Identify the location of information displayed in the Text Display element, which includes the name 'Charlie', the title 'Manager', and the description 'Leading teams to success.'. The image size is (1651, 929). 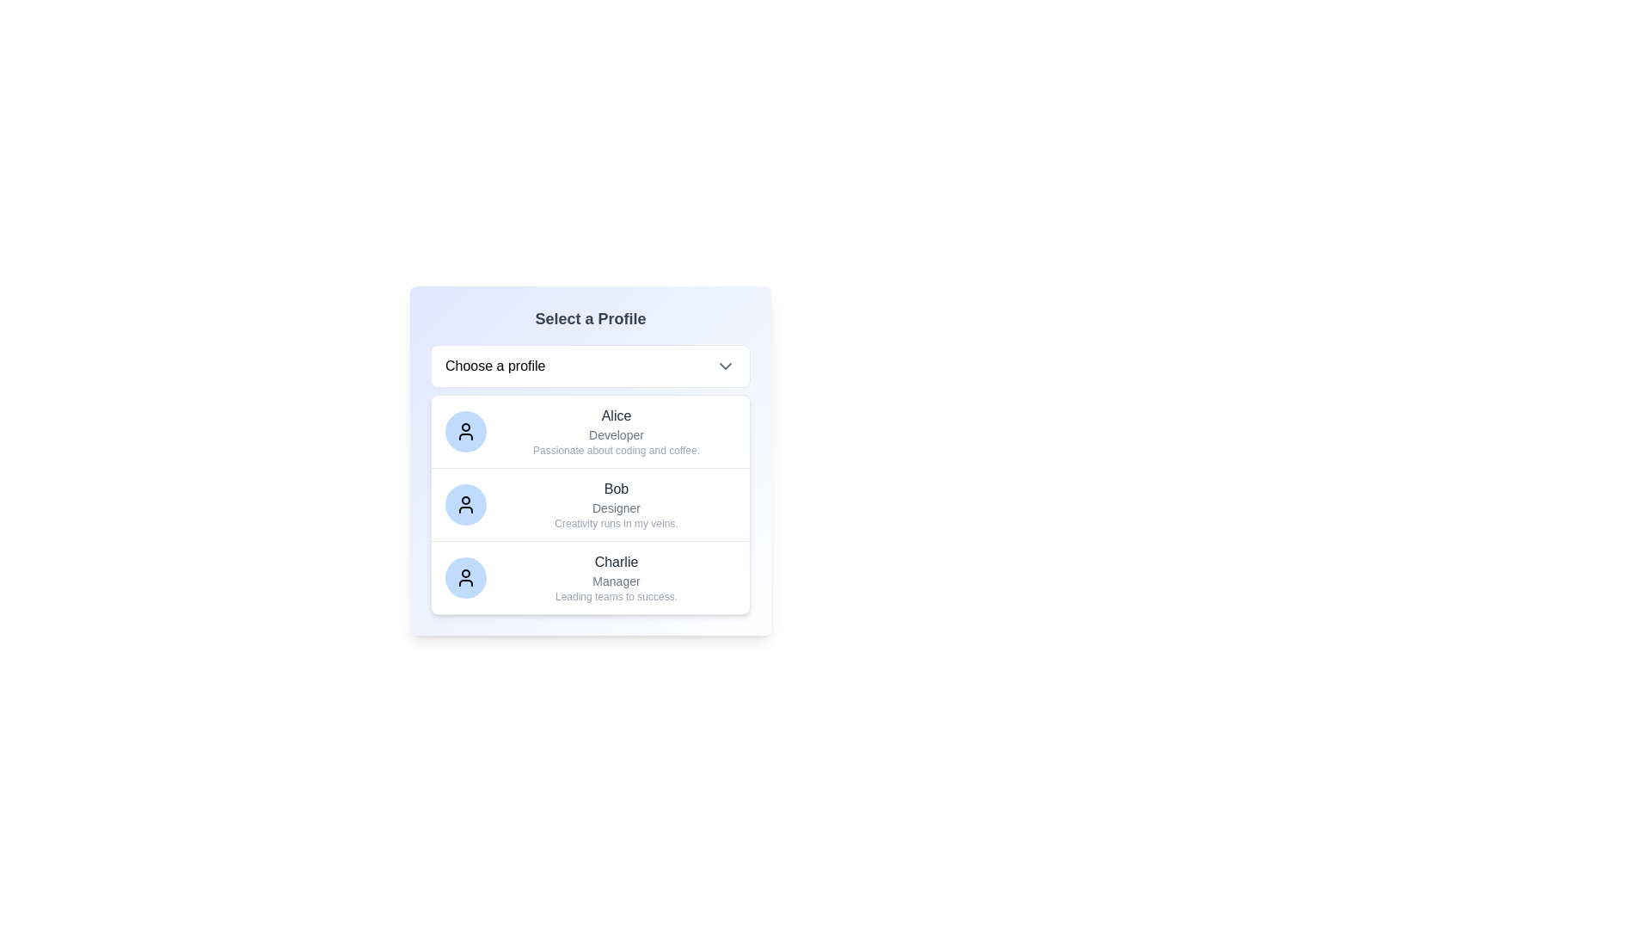
(616, 577).